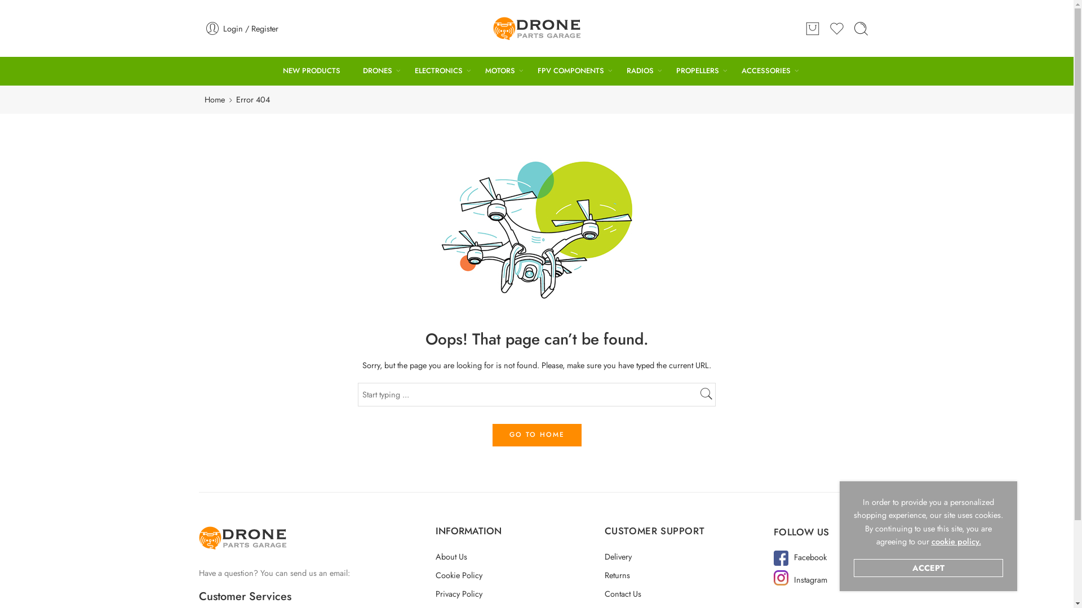  Describe the element at coordinates (438, 71) in the screenshot. I see `'ELECTRONICS'` at that location.